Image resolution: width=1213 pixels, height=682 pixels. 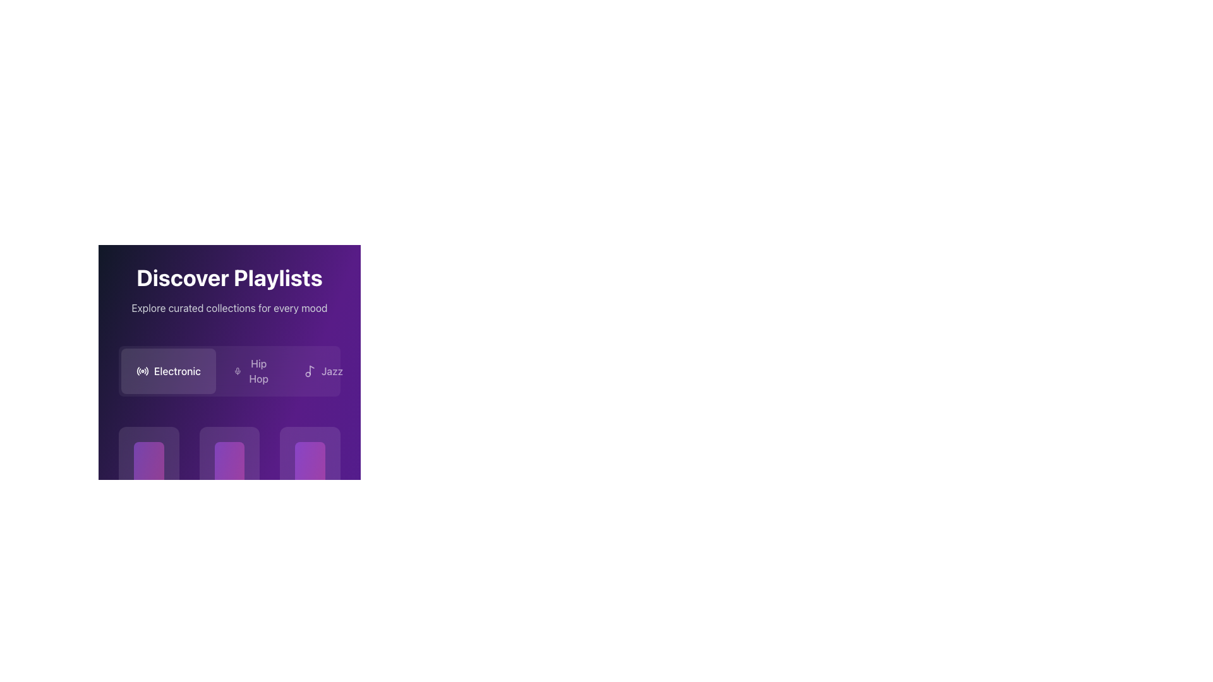 I want to click on the button containing the text 'Electronic', so click(x=177, y=370).